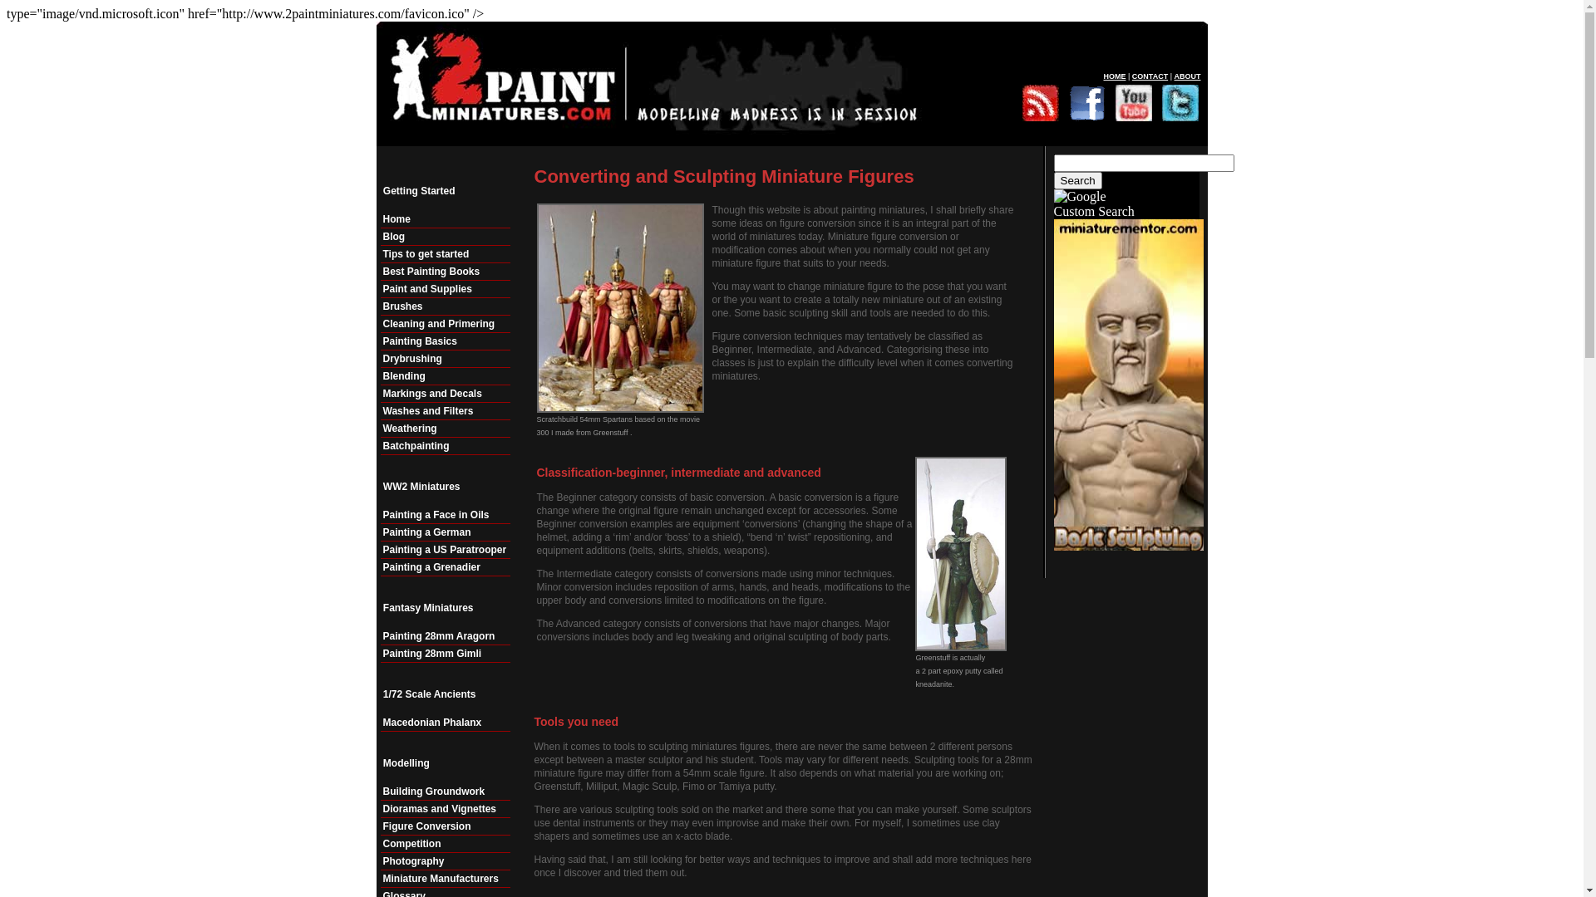  Describe the element at coordinates (446, 532) in the screenshot. I see `'Painting a German'` at that location.